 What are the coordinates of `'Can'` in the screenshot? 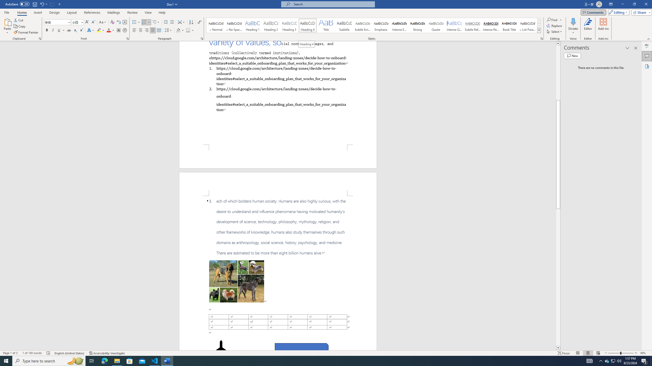 It's located at (52, 4).